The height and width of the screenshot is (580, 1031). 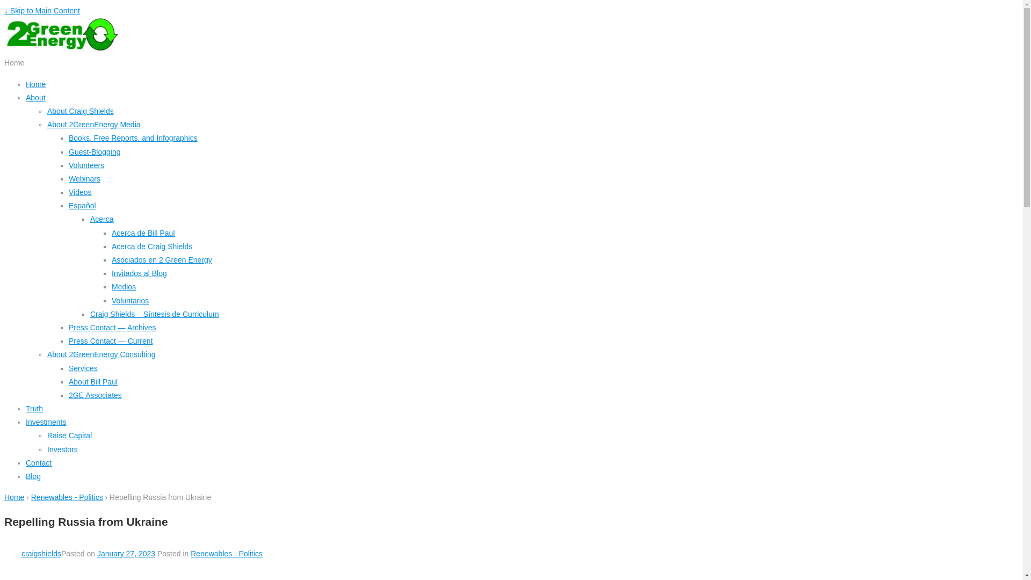 I want to click on 'Services', so click(x=82, y=368).